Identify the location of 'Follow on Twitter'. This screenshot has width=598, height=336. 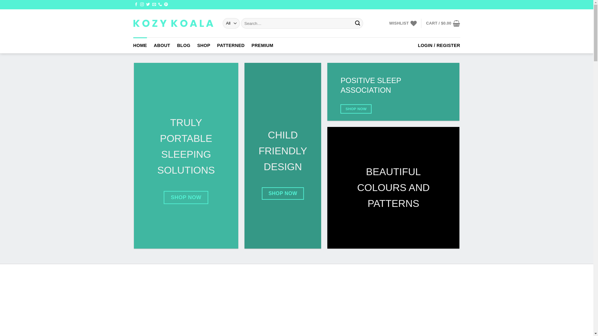
(148, 5).